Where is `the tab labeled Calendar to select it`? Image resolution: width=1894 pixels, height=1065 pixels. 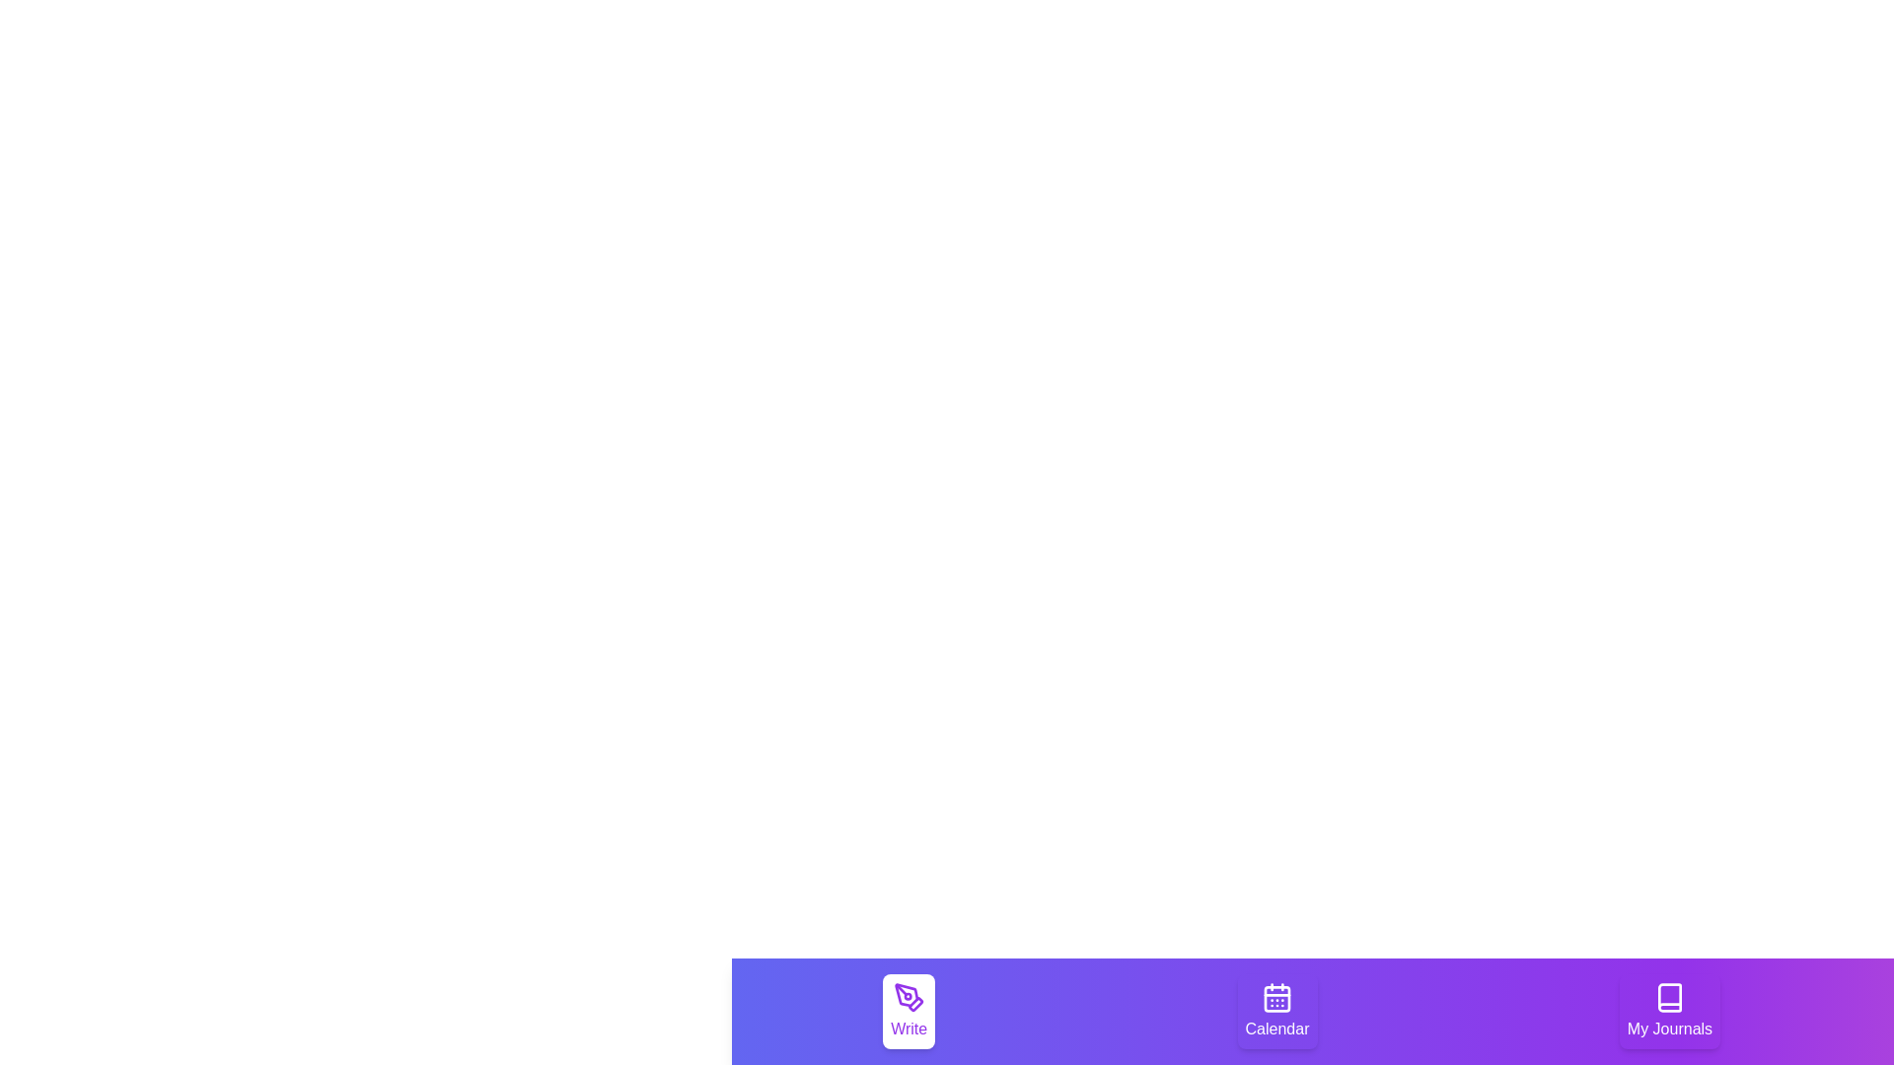 the tab labeled Calendar to select it is located at coordinates (1277, 1012).